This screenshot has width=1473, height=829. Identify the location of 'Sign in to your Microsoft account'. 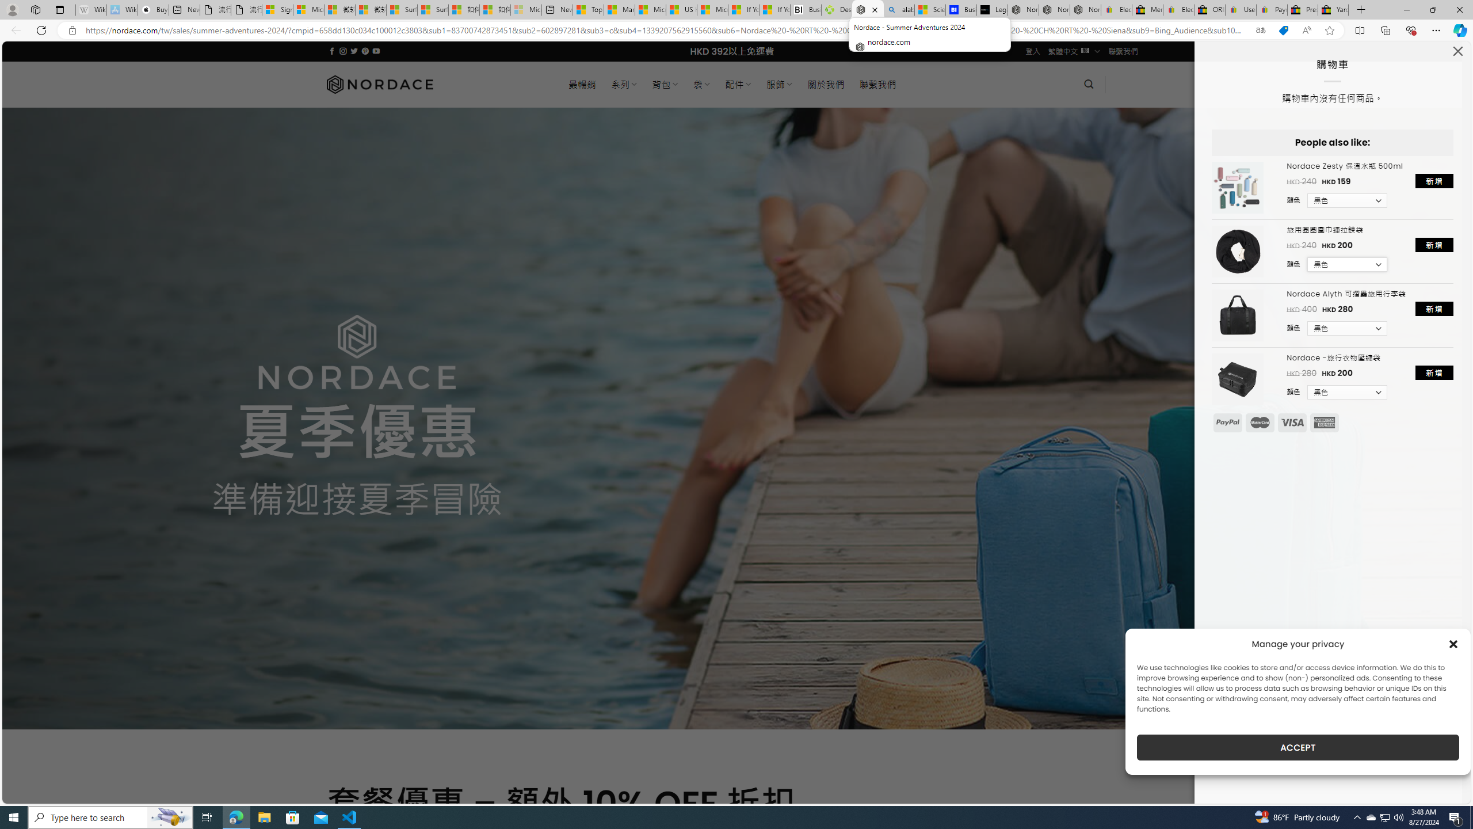
(277, 9).